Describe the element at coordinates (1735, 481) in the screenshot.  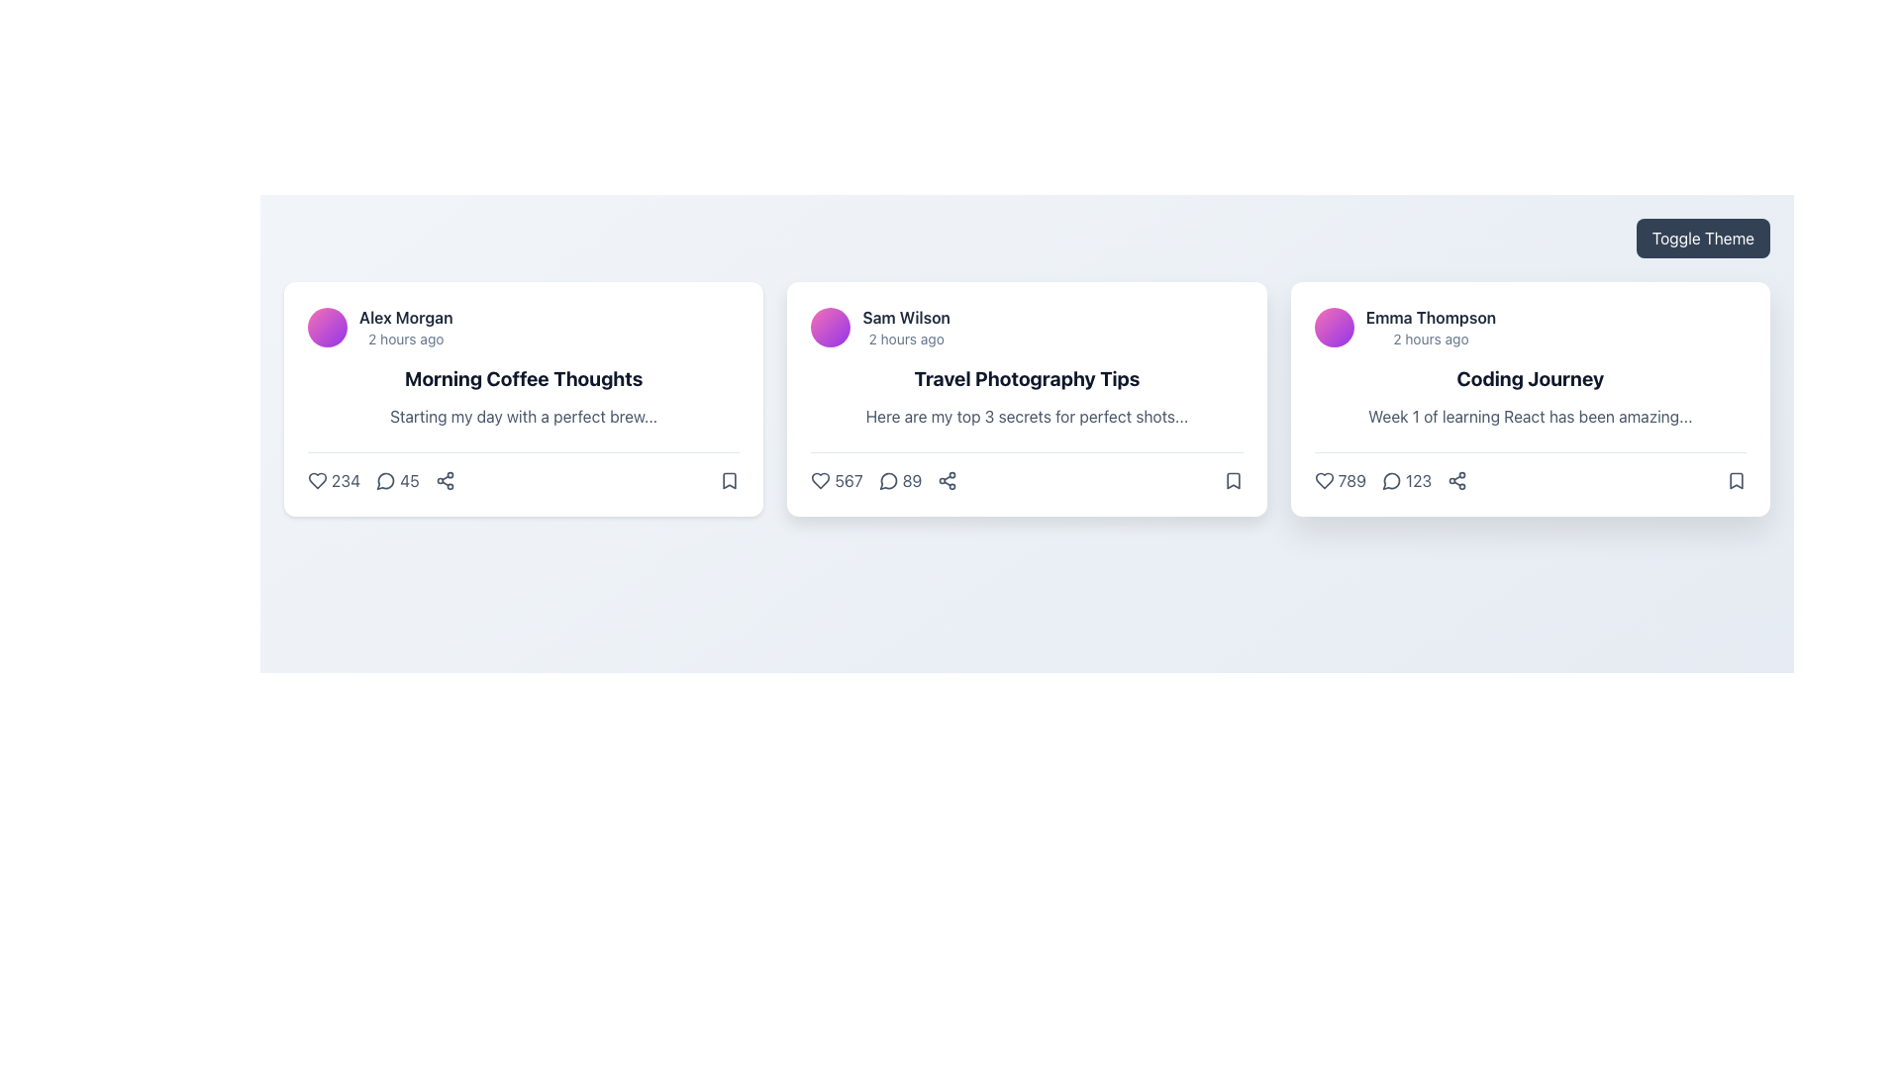
I see `the bookmark icon located in the footer section of the 'Coding Journey' card authored by 'Emma Thompson' to bookmark the content` at that location.